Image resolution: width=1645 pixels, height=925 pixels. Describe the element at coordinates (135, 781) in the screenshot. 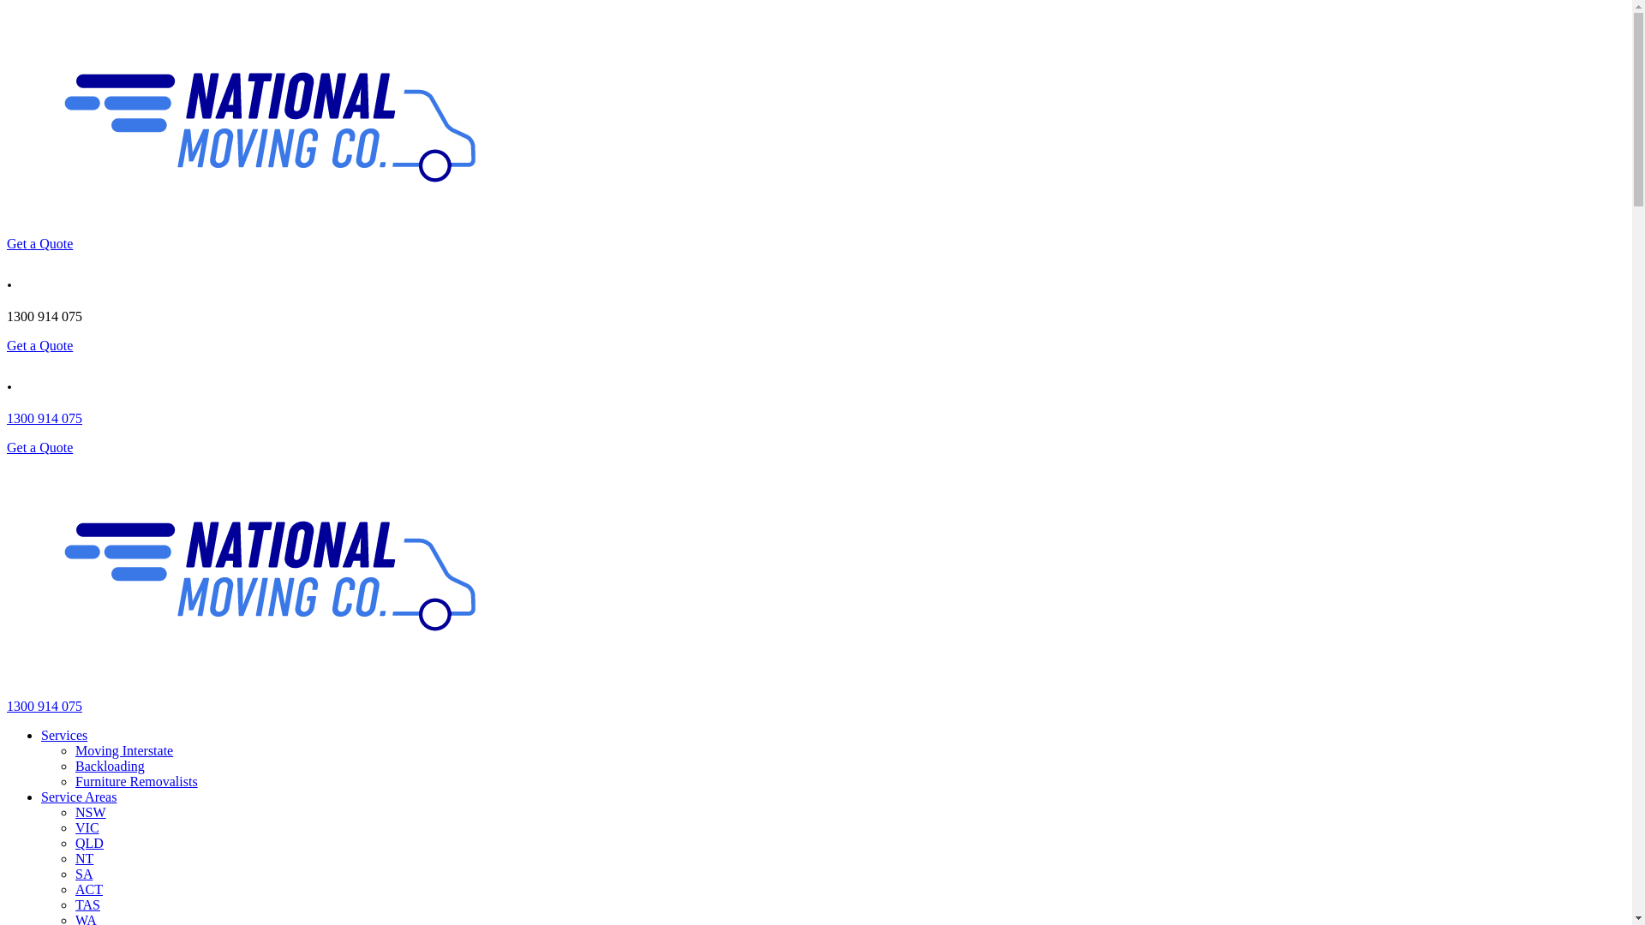

I see `'Furniture Removalists'` at that location.